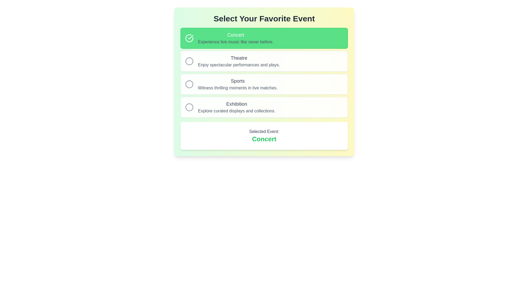 This screenshot has width=515, height=289. What do you see at coordinates (236, 42) in the screenshot?
I see `the static text providing descriptive information about the 'Concert' event type, located inside the green rounded rectangle selection box directly below the 'Concert' text` at bounding box center [236, 42].